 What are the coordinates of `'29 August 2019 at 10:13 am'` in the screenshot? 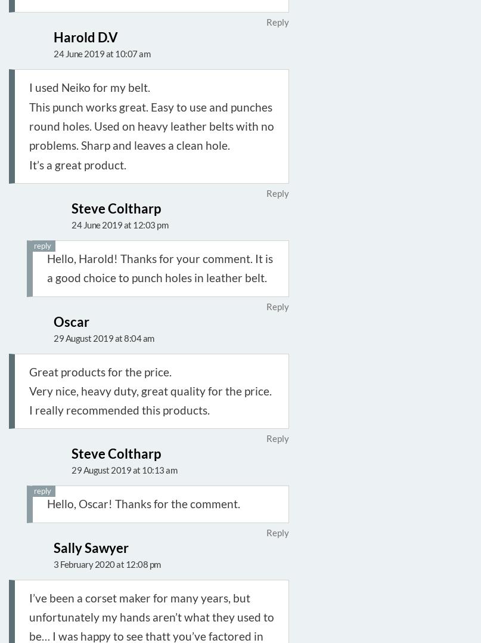 It's located at (71, 469).